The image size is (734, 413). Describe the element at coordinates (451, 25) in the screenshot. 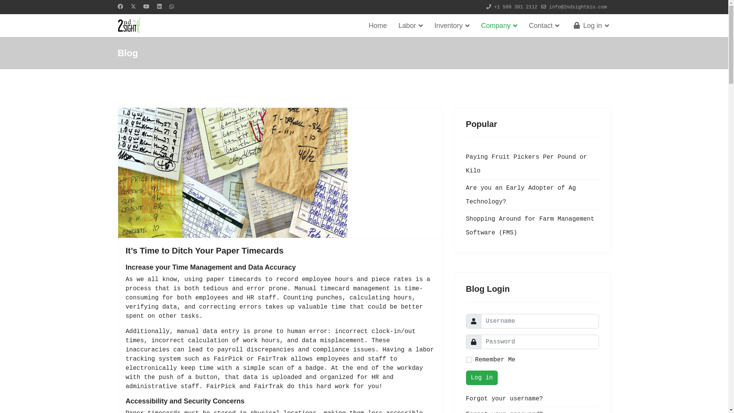

I see `'Inventory'` at that location.